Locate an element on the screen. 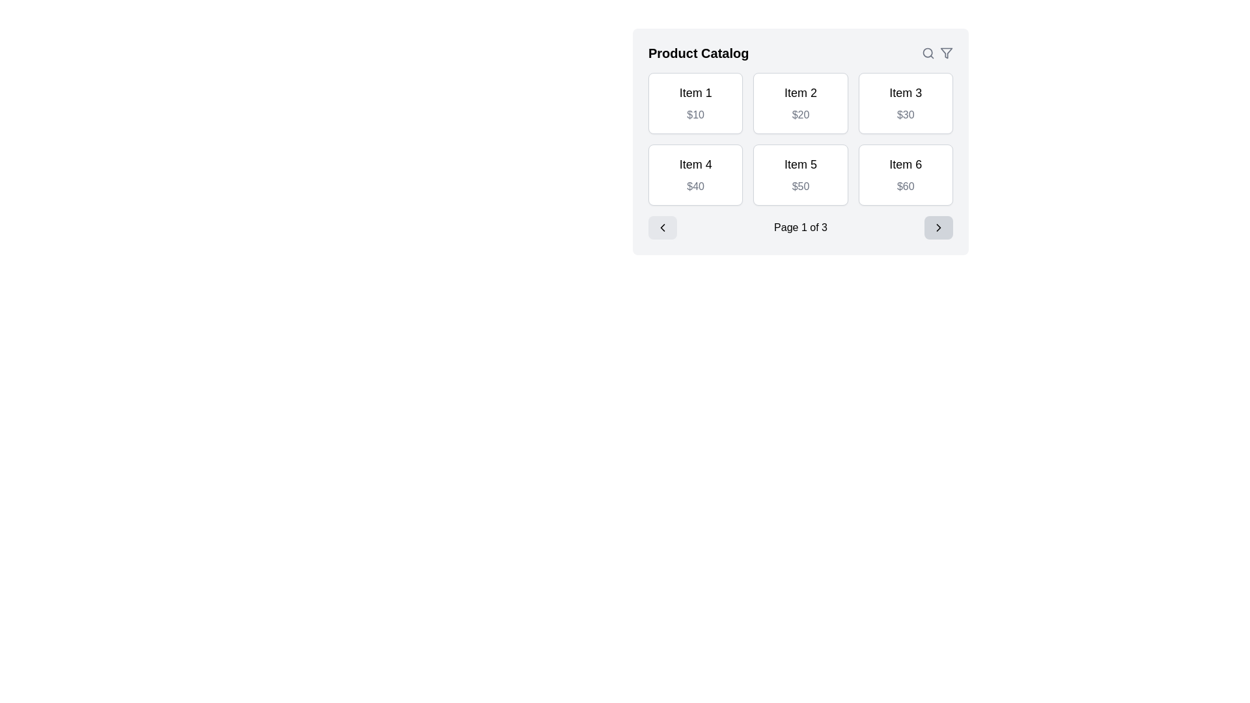 The height and width of the screenshot is (703, 1250). the text label indicating the current page number in the pagination interface of the product catalog is located at coordinates (799, 227).